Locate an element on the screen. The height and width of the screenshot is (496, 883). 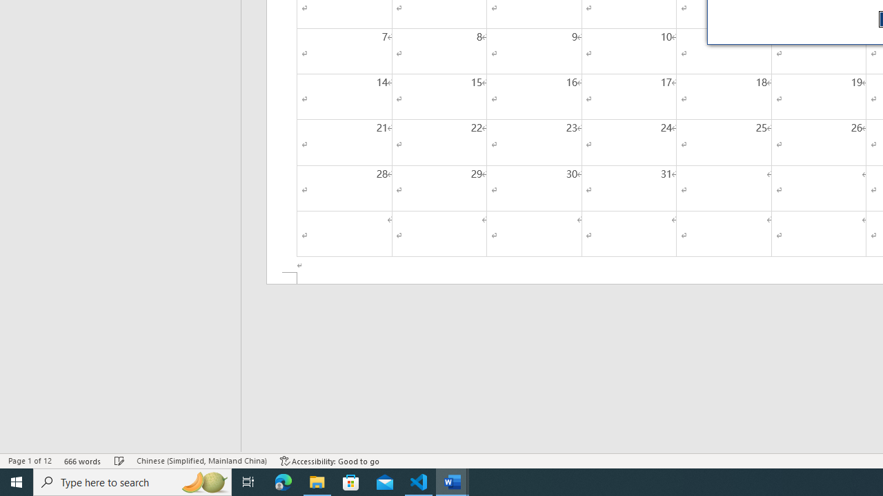
'Page Number Page 1 of 12' is located at coordinates (30, 461).